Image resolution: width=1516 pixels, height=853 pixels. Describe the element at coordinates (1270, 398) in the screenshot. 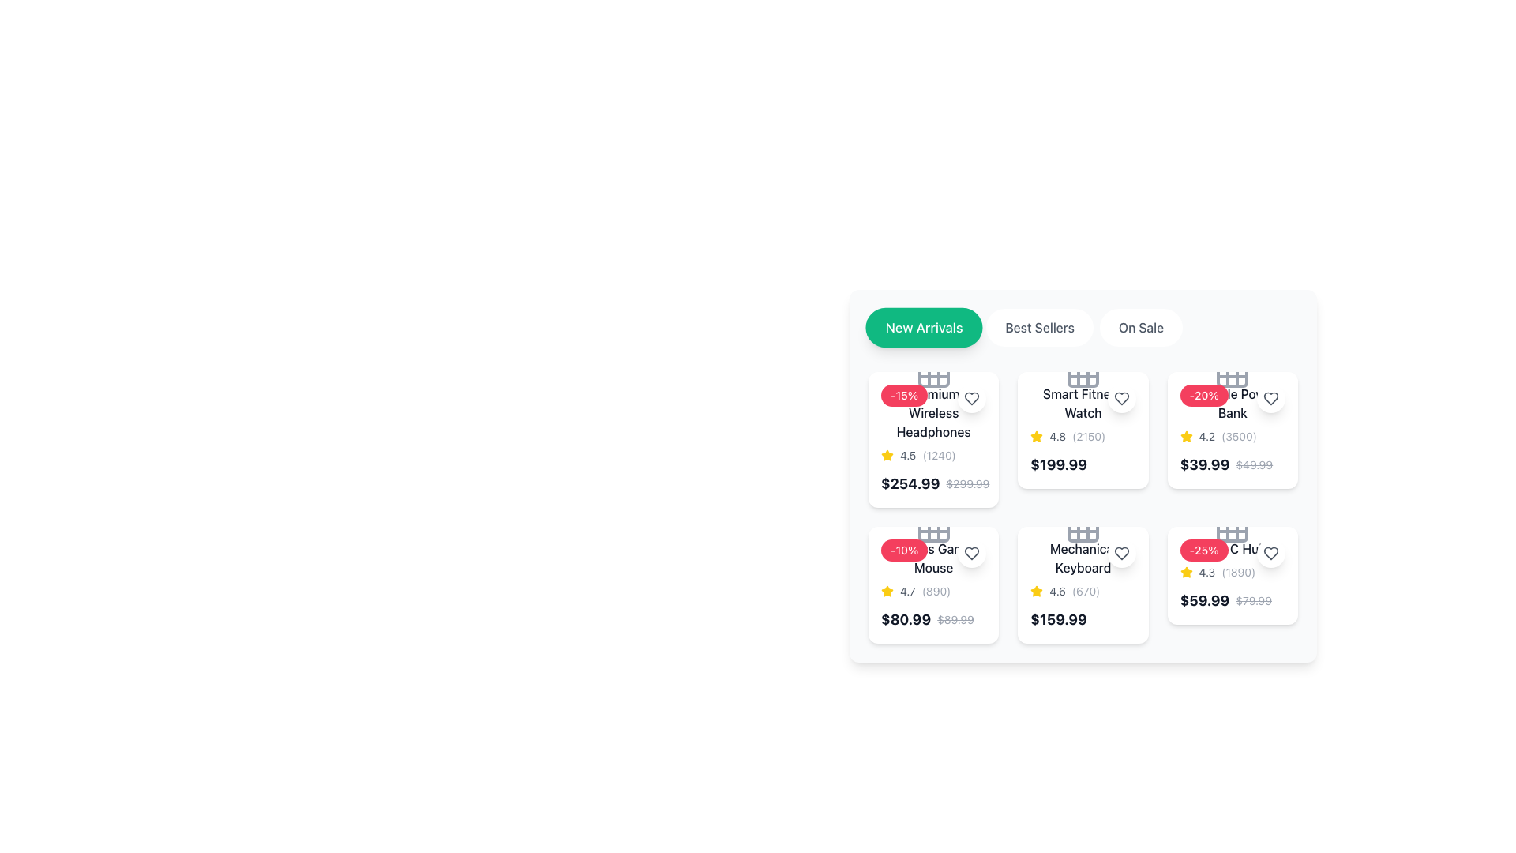

I see `the favorite button located in the top-right corner of the white card interface for the 'Portable Power Bank' product to mark it as a favorite` at that location.